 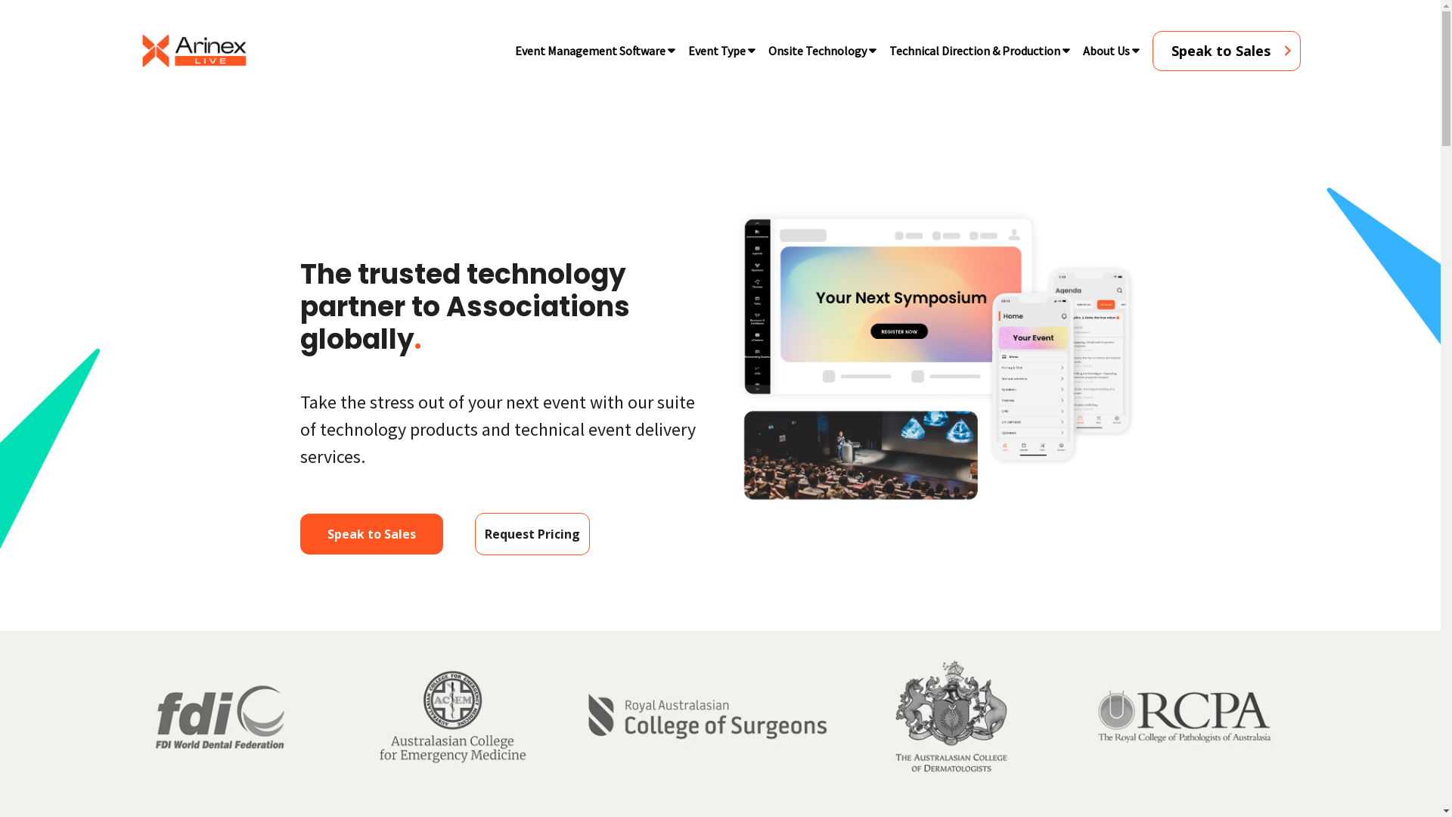 What do you see at coordinates (300, 533) in the screenshot?
I see `'Speak to Sales'` at bounding box center [300, 533].